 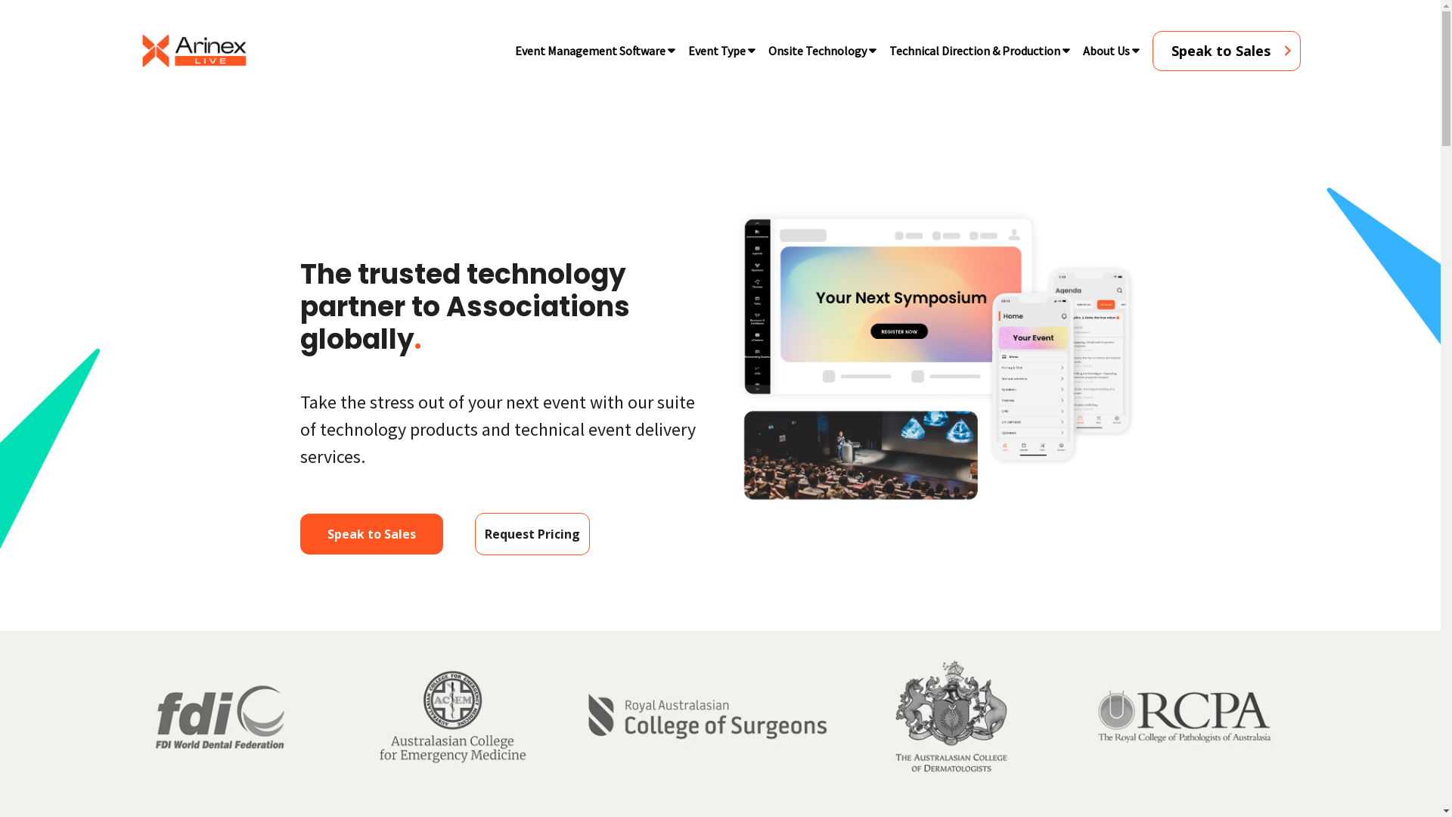 What do you see at coordinates (300, 533) in the screenshot?
I see `'Speak to Sales'` at bounding box center [300, 533].